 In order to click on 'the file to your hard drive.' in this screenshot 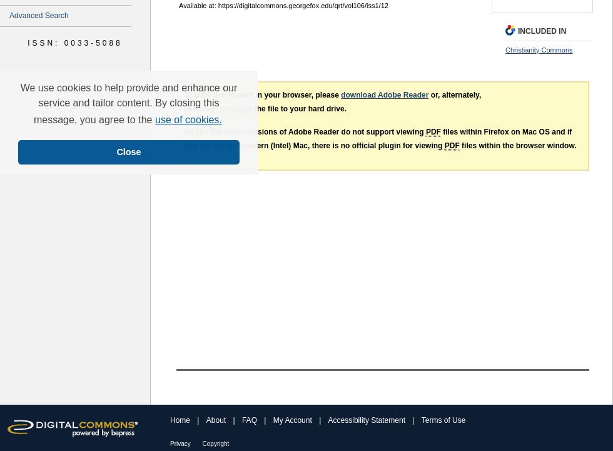, I will do `click(299, 107)`.